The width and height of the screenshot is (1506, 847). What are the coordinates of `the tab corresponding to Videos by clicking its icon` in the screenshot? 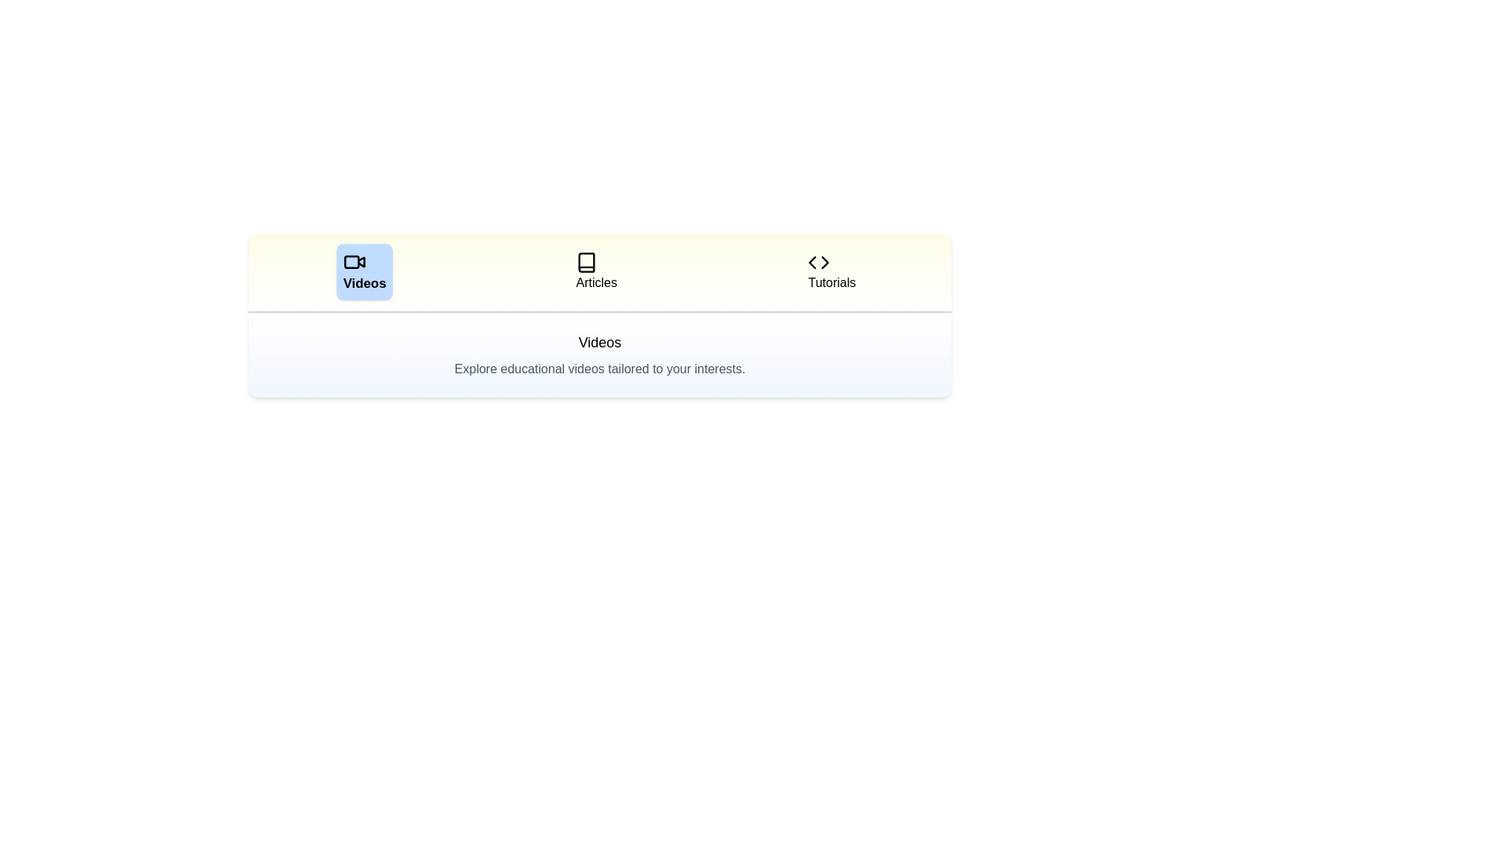 It's located at (363, 271).